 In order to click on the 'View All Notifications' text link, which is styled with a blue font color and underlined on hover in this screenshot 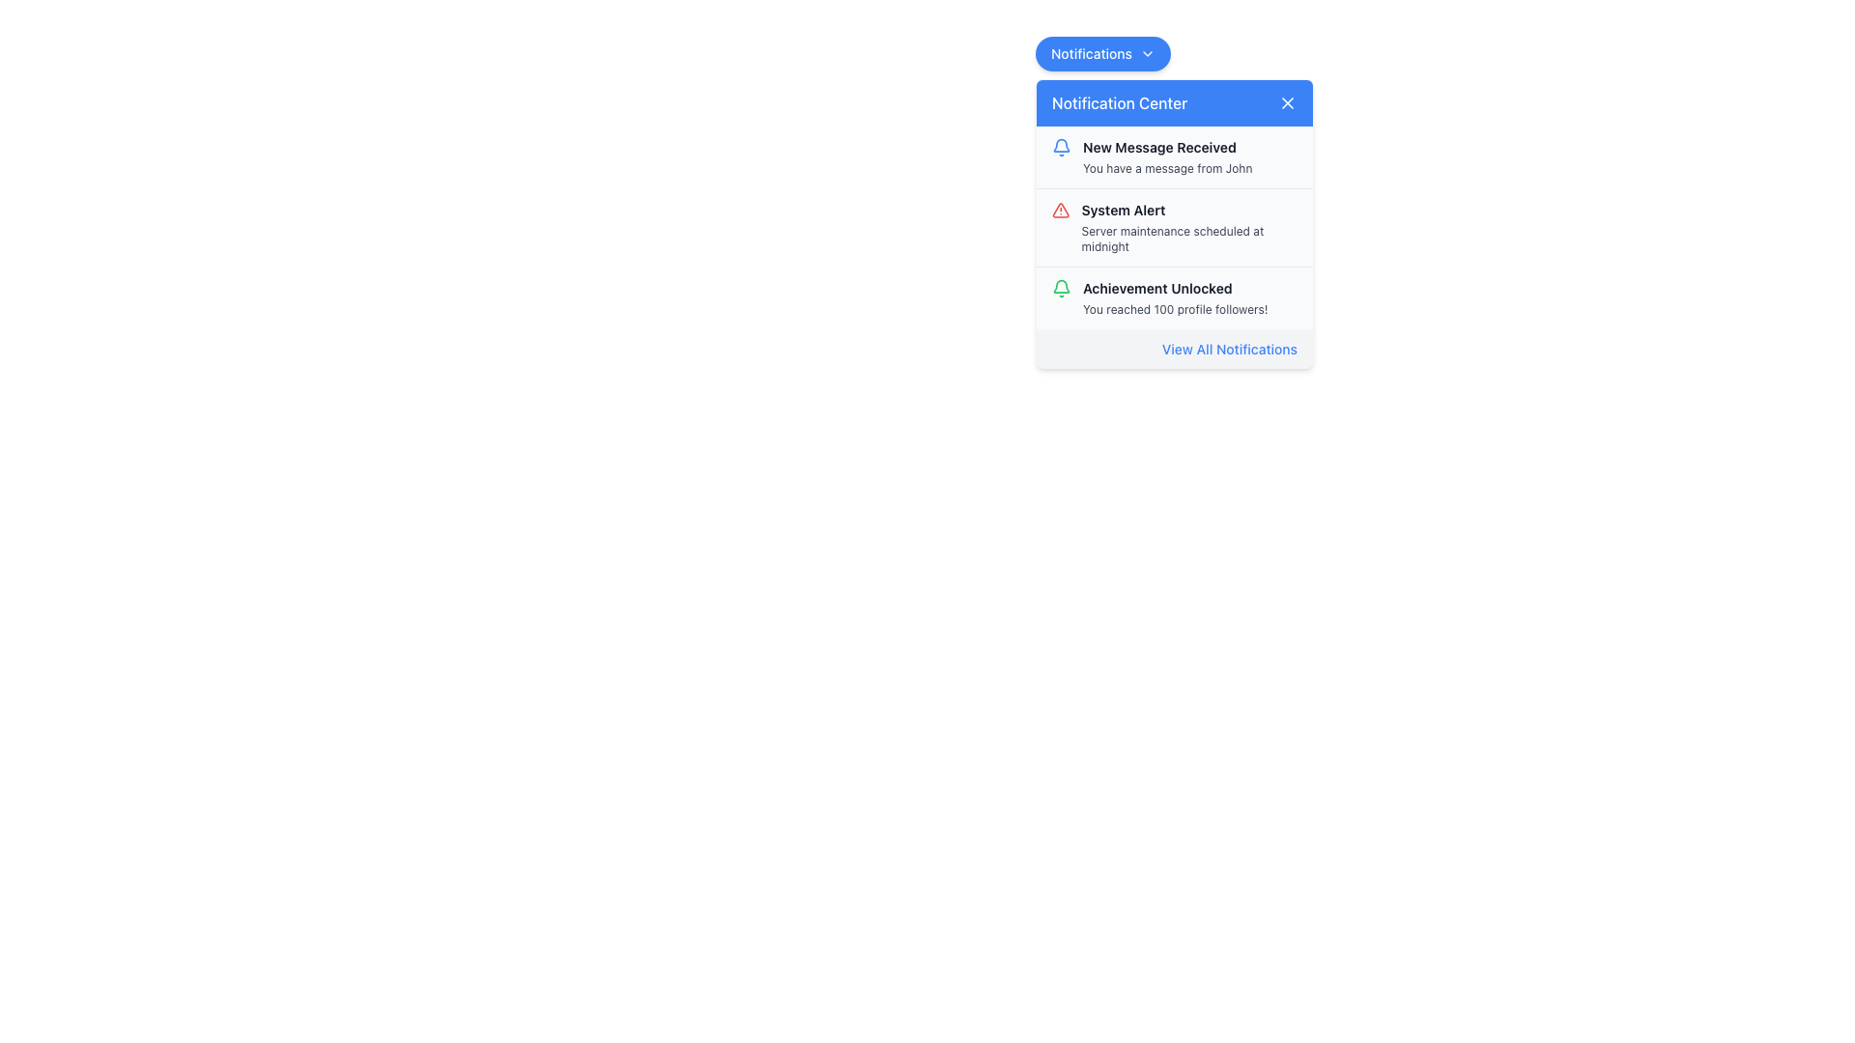, I will do `click(1228, 350)`.